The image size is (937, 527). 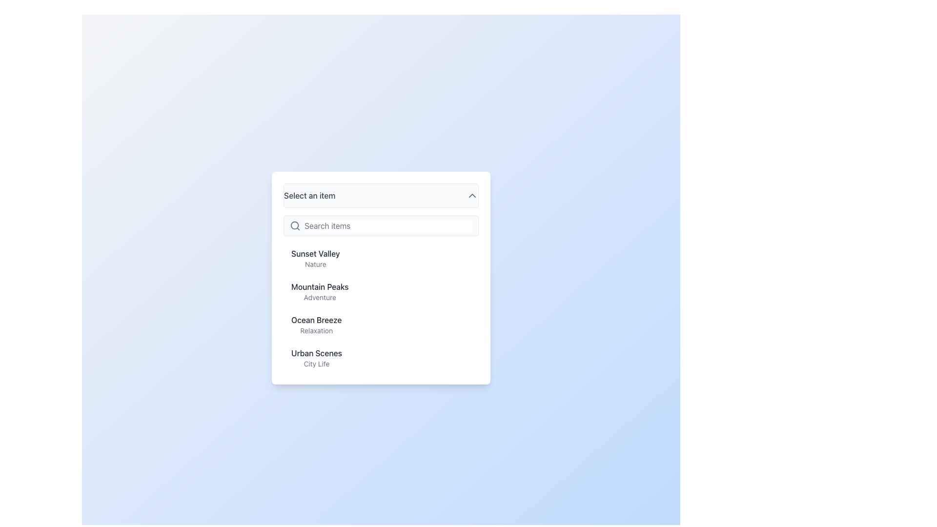 What do you see at coordinates (472, 196) in the screenshot?
I see `the chevron icon indicating the dropdown menu state, which is located to the right of the text 'Select an item' and is currently expanded` at bounding box center [472, 196].